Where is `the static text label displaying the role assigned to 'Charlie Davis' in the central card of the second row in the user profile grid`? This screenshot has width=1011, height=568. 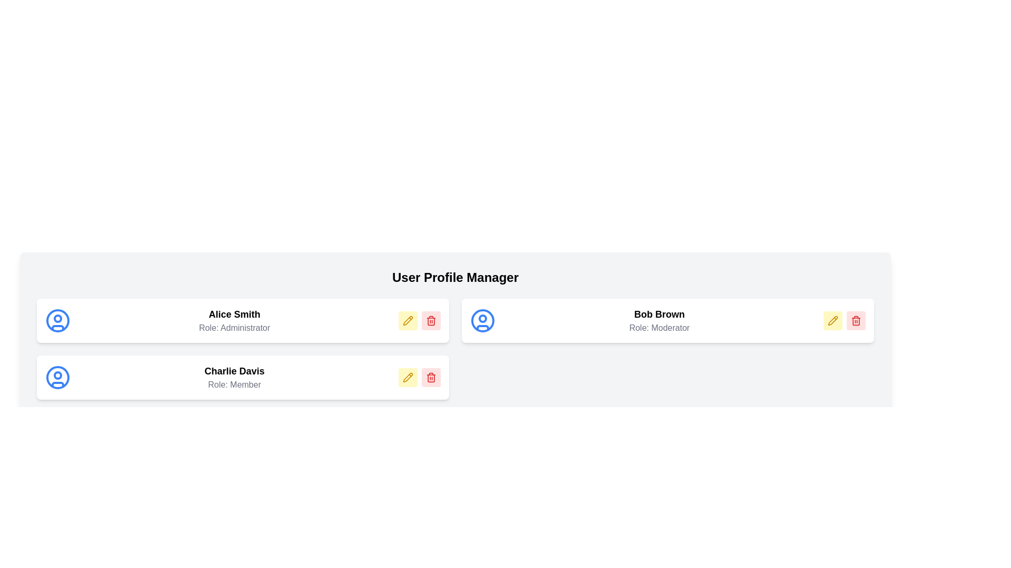
the static text label displaying the role assigned to 'Charlie Davis' in the central card of the second row in the user profile grid is located at coordinates (234, 385).